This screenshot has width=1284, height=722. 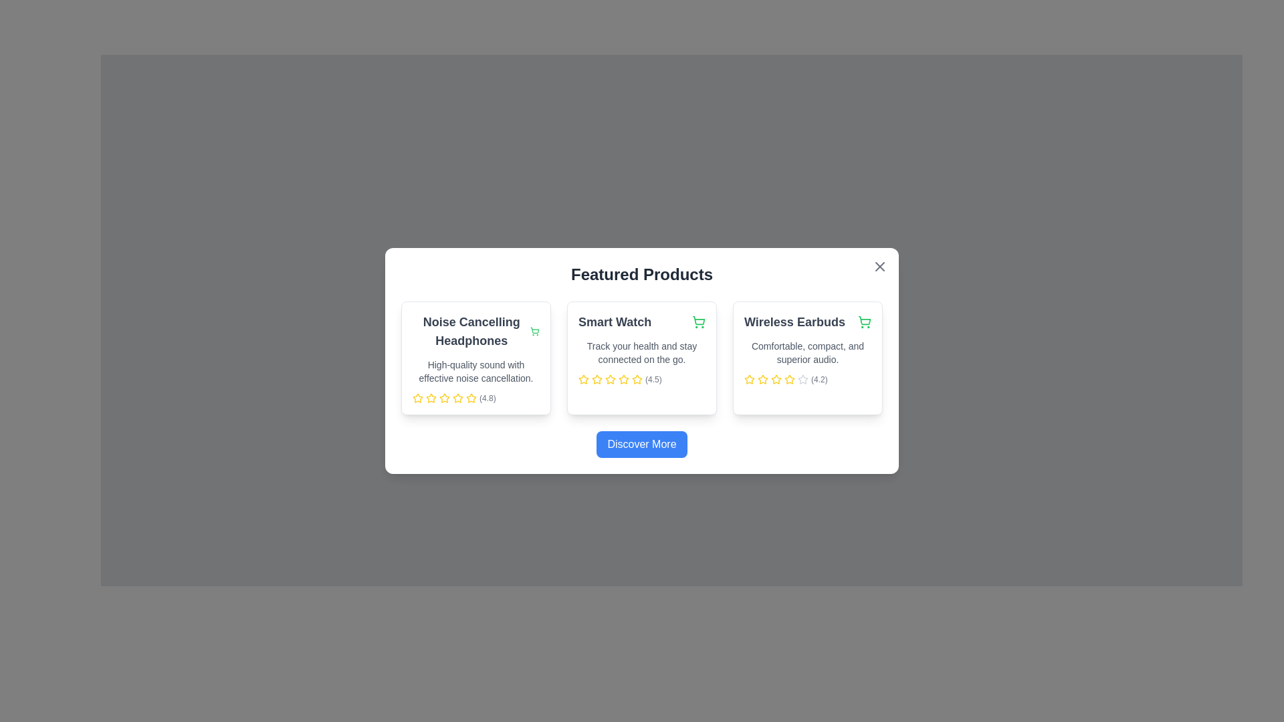 I want to click on the text label displaying the average rating value (4.2) for the 'Wireless Earbuds' product, located to the right of the fifth star in the rating component, so click(x=819, y=379).